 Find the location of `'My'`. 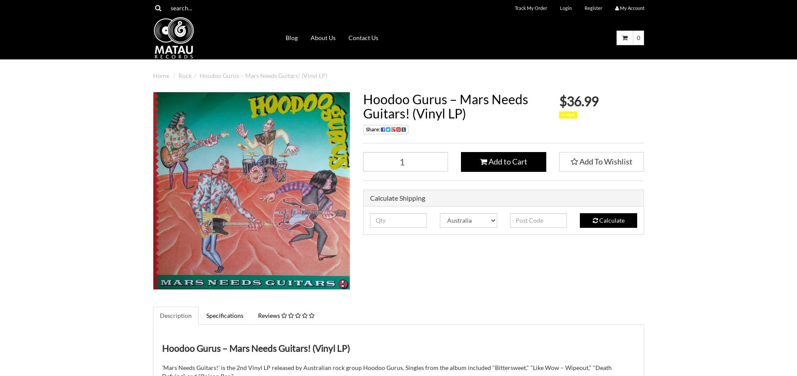

'My' is located at coordinates (620, 7).